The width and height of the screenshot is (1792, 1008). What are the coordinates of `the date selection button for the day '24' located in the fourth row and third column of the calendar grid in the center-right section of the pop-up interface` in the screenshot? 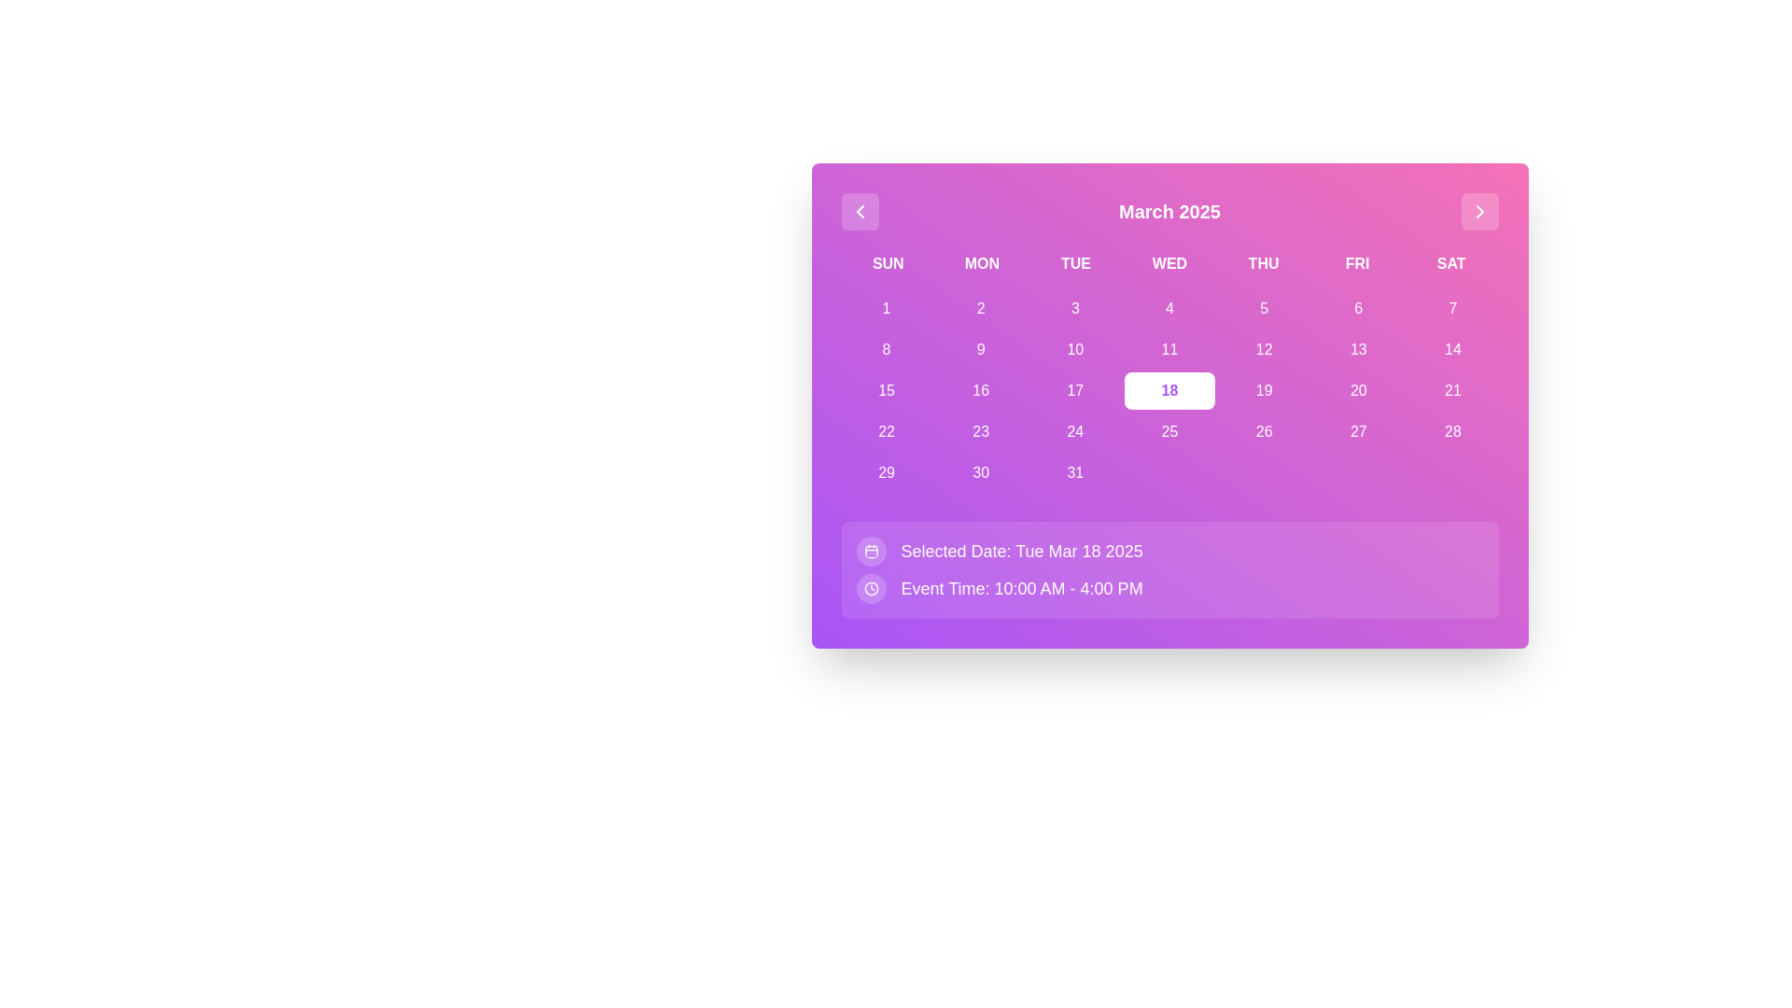 It's located at (1075, 431).